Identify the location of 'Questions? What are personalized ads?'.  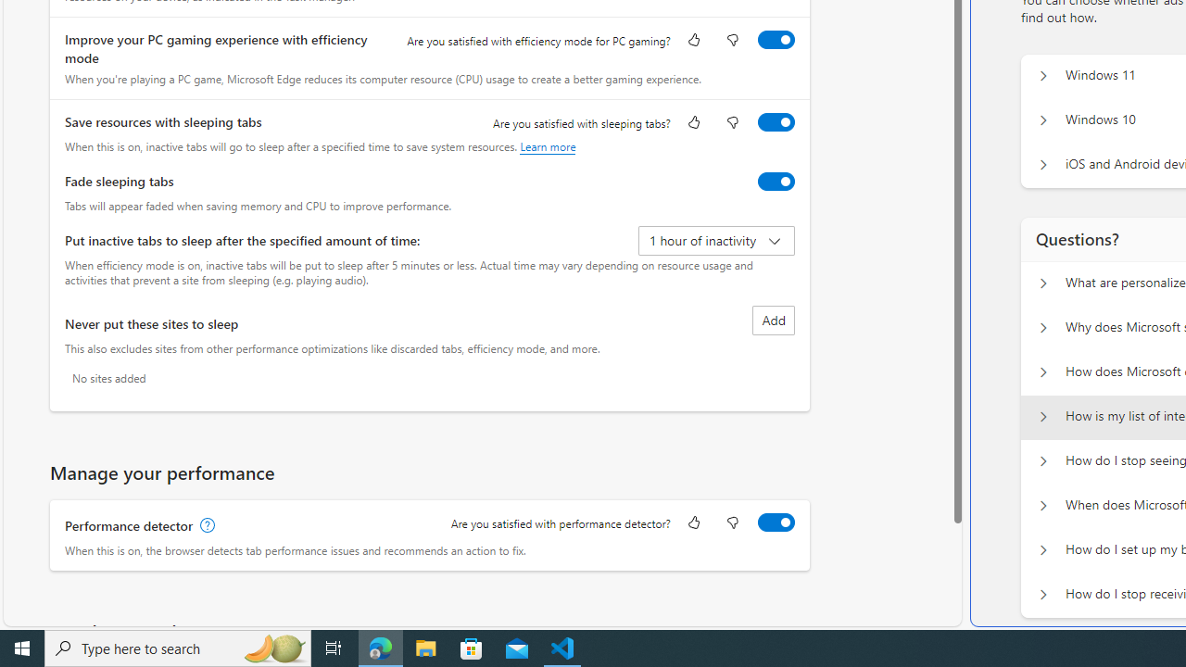
(1042, 283).